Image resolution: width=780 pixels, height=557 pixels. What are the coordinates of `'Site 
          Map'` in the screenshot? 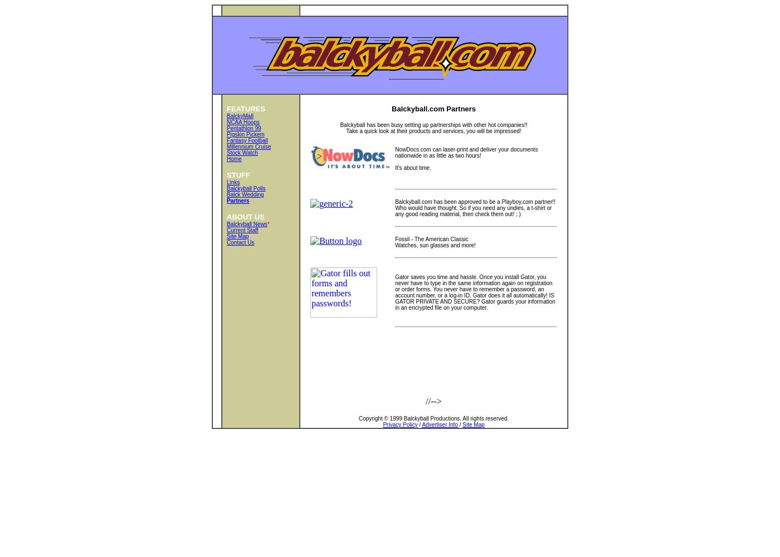 It's located at (237, 236).